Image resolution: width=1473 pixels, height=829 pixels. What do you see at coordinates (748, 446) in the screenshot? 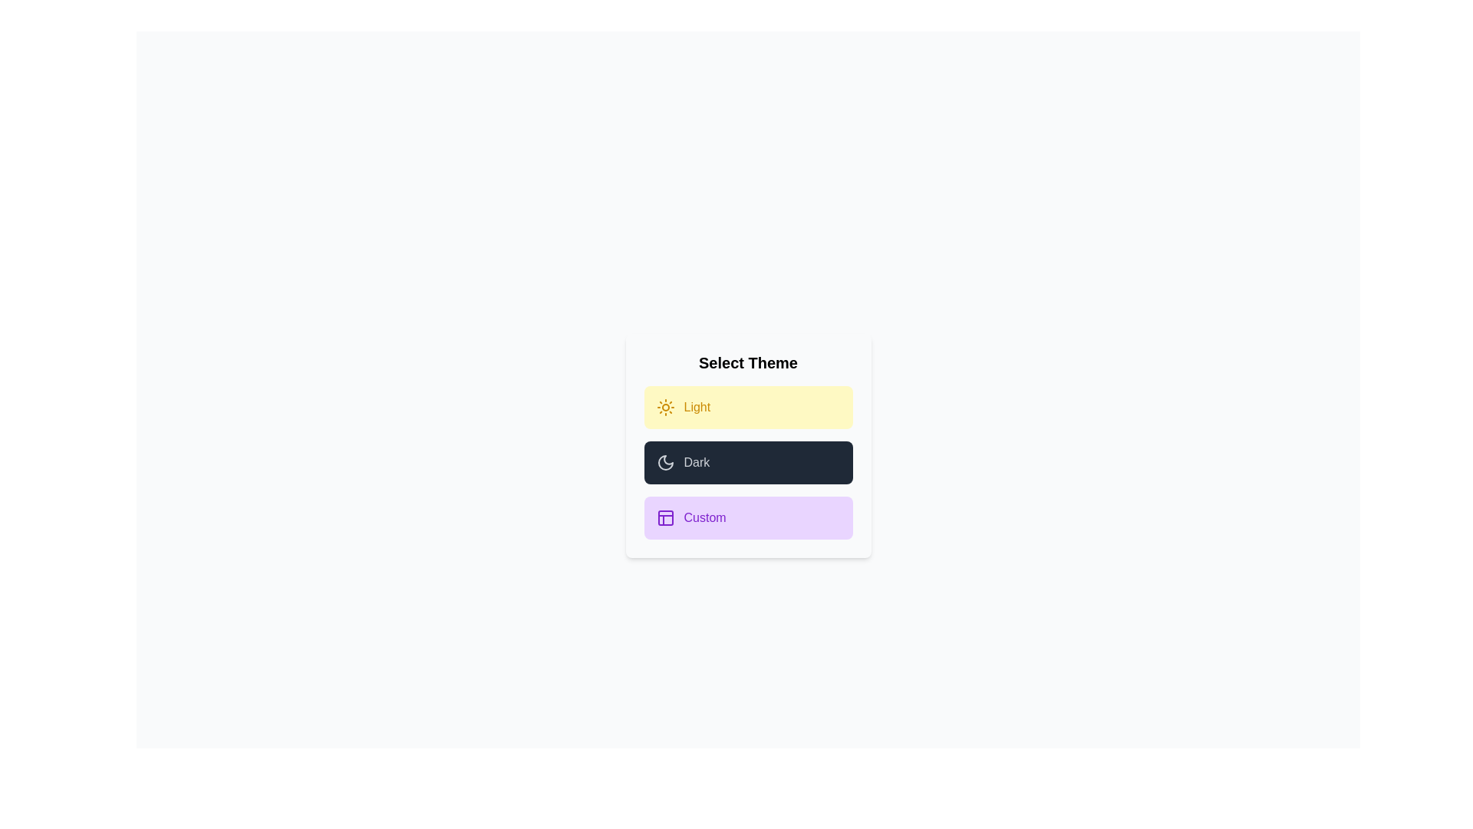
I see `the 'Dark' button, which is a dark-themed button with the text 'Dark' in light font and a crescent moon icon, located in the center of the dialog box` at bounding box center [748, 446].